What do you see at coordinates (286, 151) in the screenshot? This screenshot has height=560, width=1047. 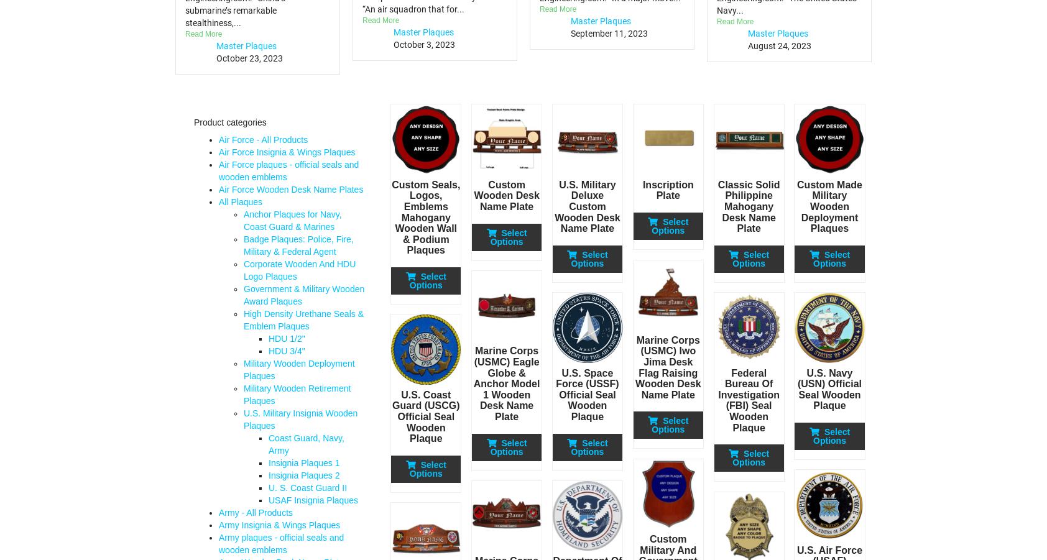 I see `'Air Force Insignia & Wings Plaques'` at bounding box center [286, 151].